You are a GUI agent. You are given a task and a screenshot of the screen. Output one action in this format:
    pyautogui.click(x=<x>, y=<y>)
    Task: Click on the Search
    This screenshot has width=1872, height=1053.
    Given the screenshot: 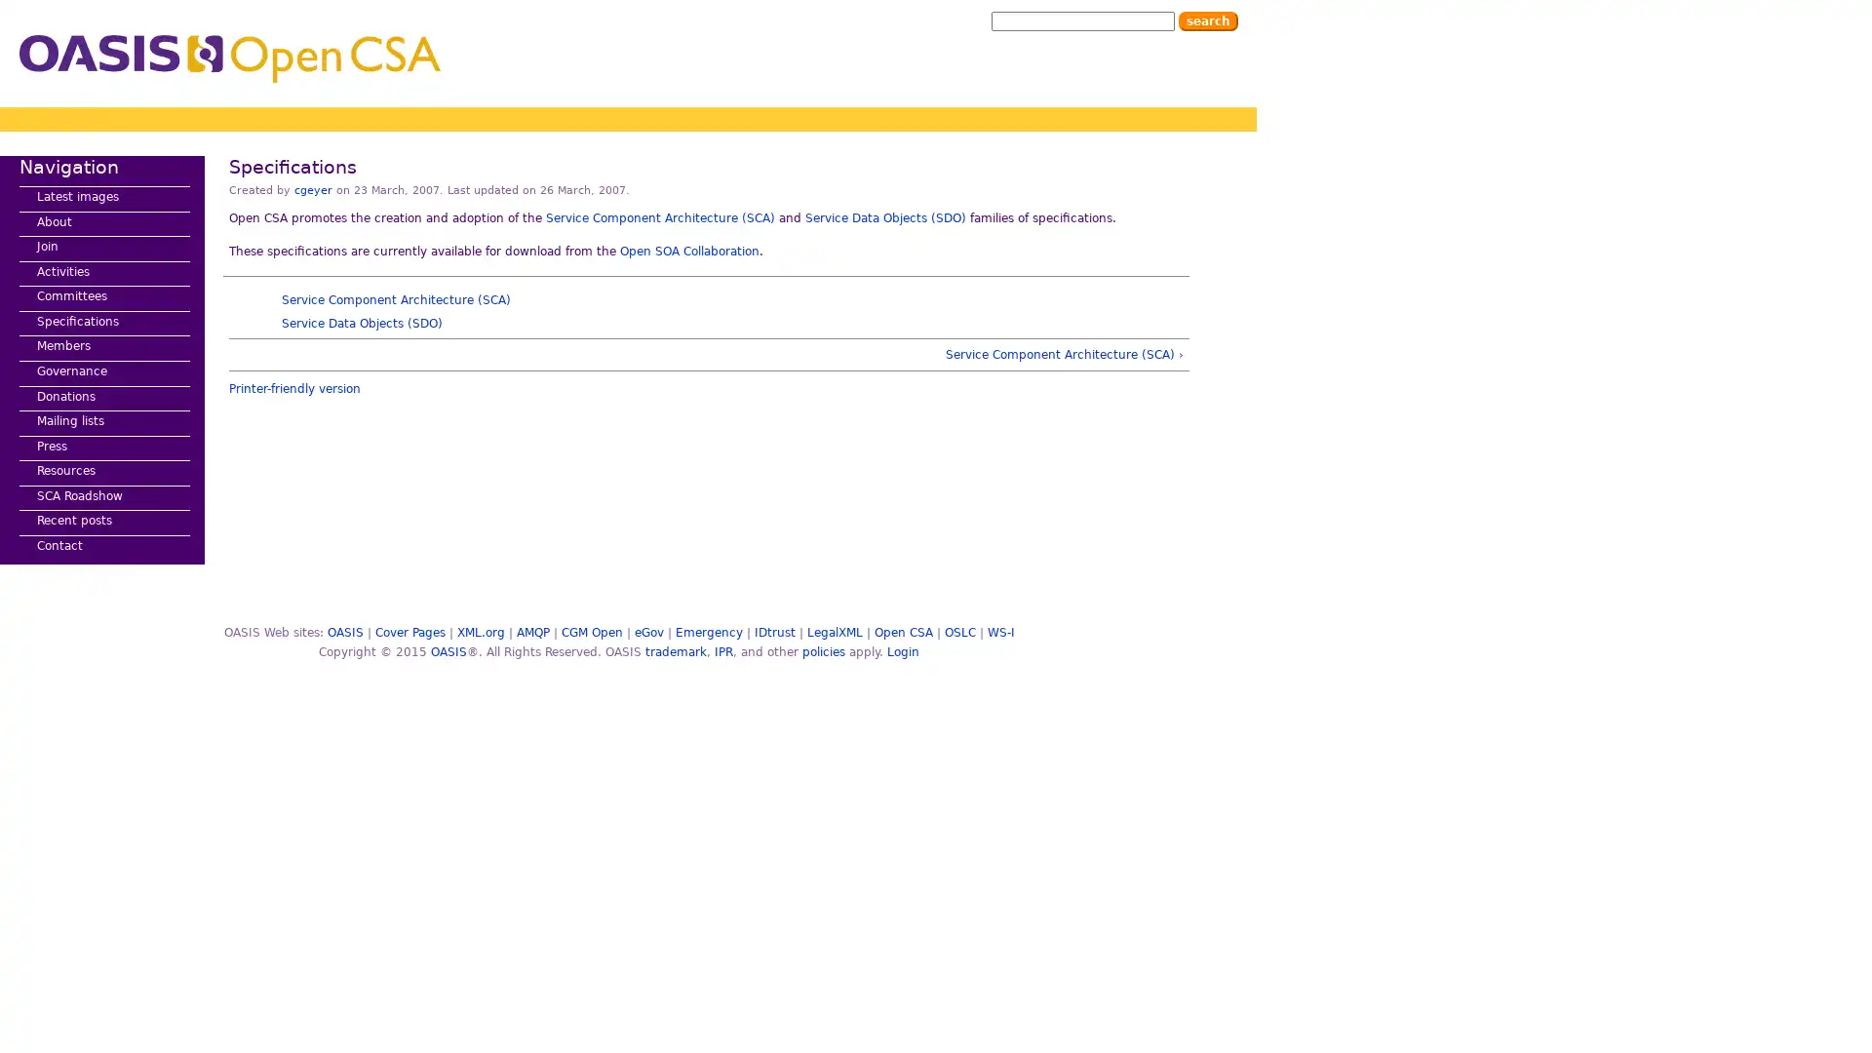 What is the action you would take?
    pyautogui.click(x=1207, y=21)
    